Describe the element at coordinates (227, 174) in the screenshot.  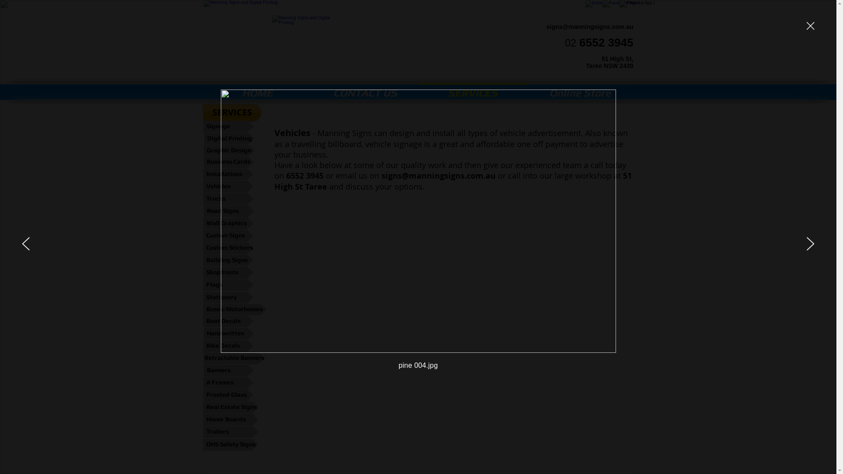
I see `'Installations'` at that location.